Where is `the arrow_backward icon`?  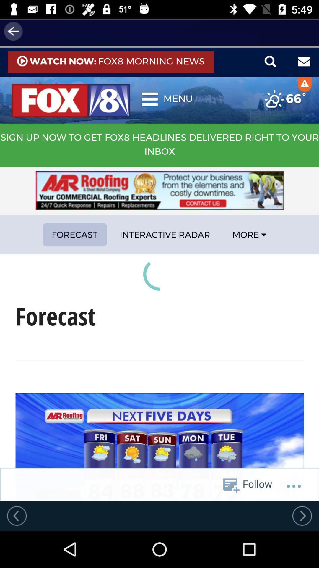 the arrow_backward icon is located at coordinates (17, 31).